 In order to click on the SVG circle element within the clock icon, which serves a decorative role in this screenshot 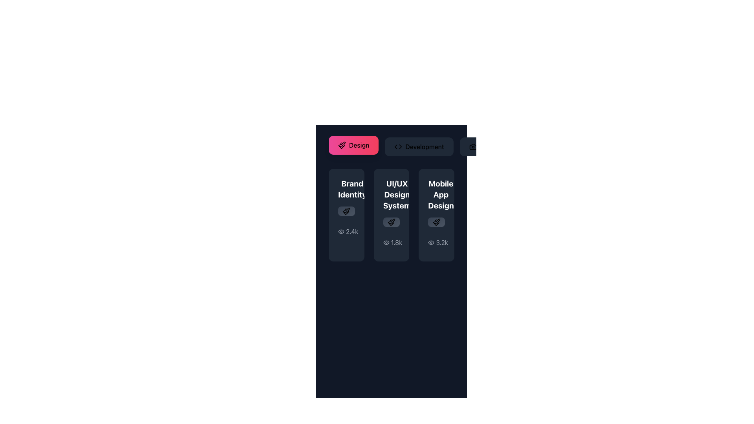, I will do `click(430, 242)`.